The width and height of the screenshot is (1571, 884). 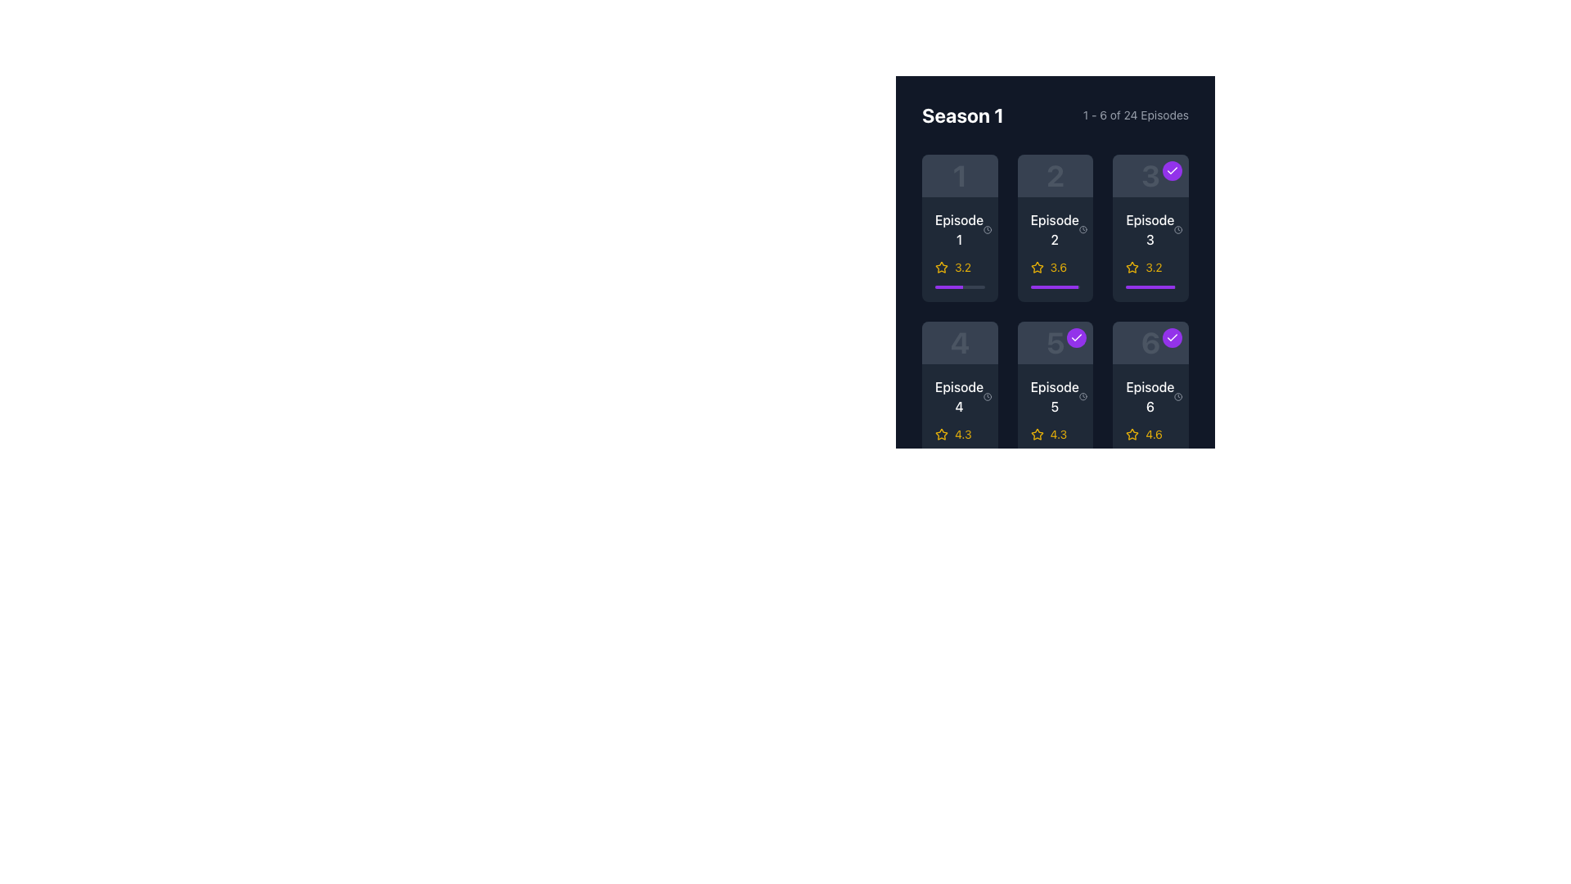 What do you see at coordinates (1056, 395) in the screenshot?
I see `the card representing Episode 5, which displays its title, duration, and rating, located in the second row and third column under the 'Season 1' header` at bounding box center [1056, 395].